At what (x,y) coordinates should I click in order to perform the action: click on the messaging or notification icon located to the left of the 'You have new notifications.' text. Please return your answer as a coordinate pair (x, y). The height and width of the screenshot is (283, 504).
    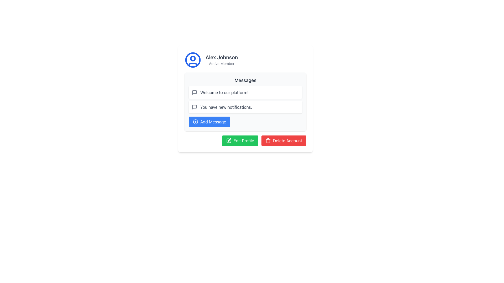
    Looking at the image, I should click on (194, 107).